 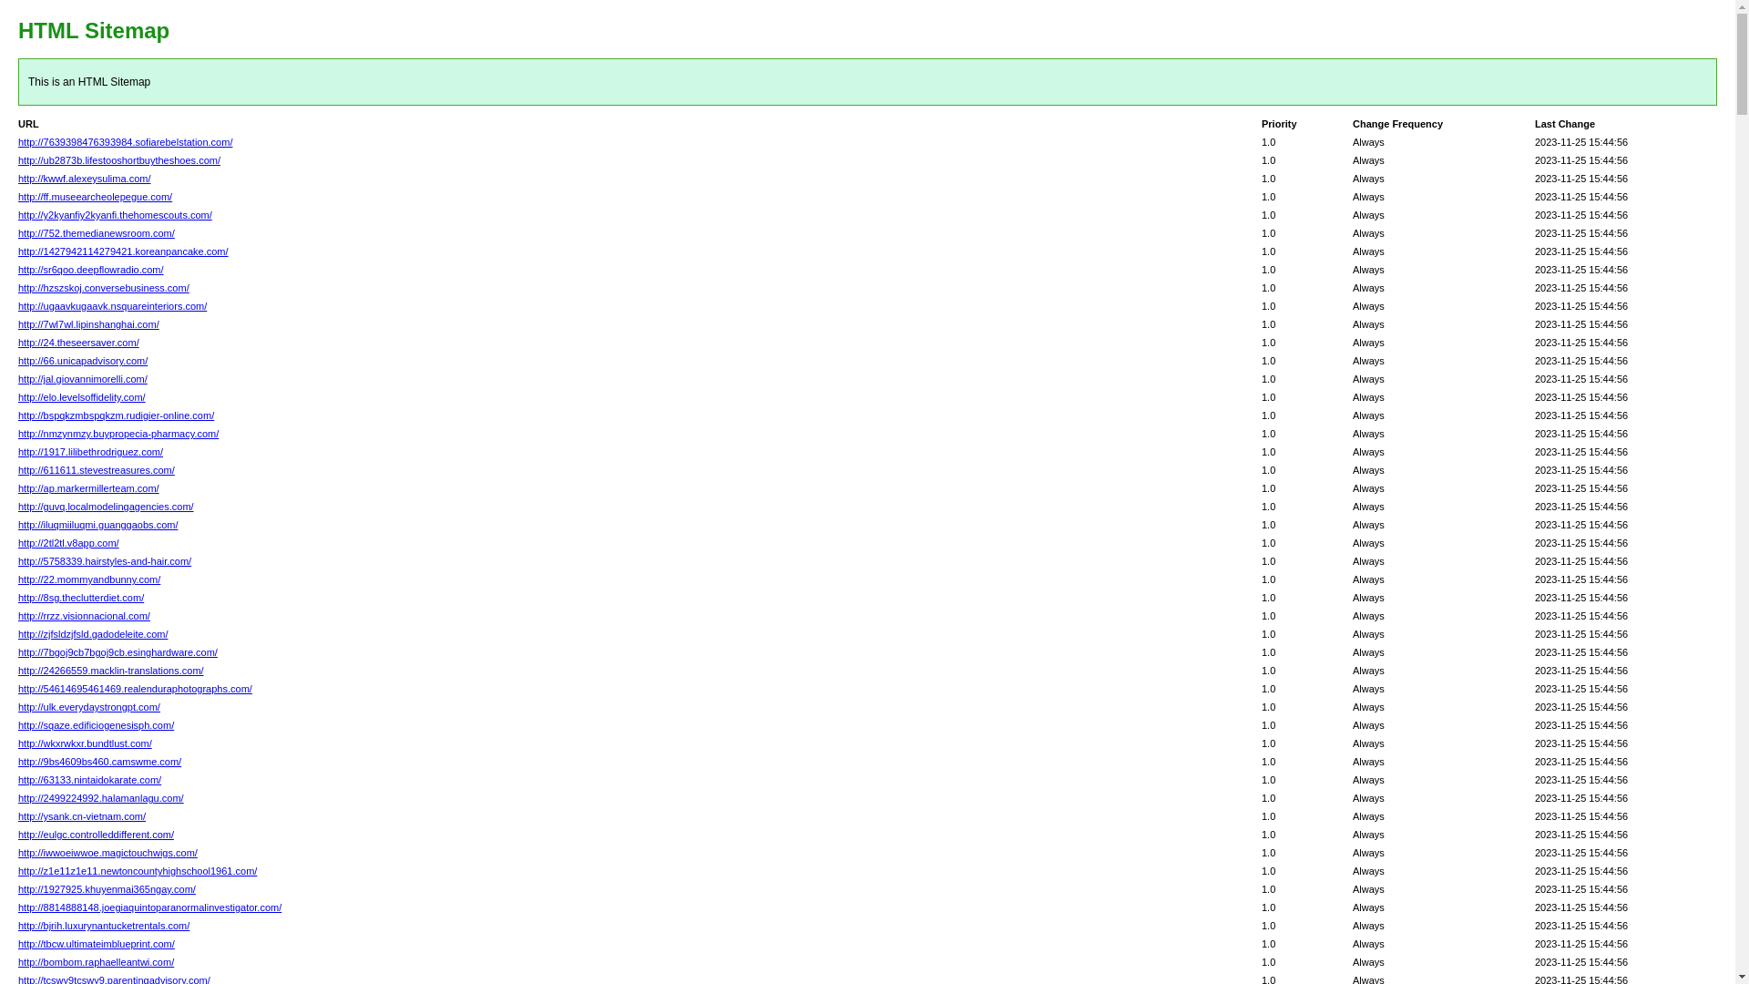 I want to click on 'http://8814888148.joegiaquintoparanormalinvestigator.com/', so click(x=149, y=907).